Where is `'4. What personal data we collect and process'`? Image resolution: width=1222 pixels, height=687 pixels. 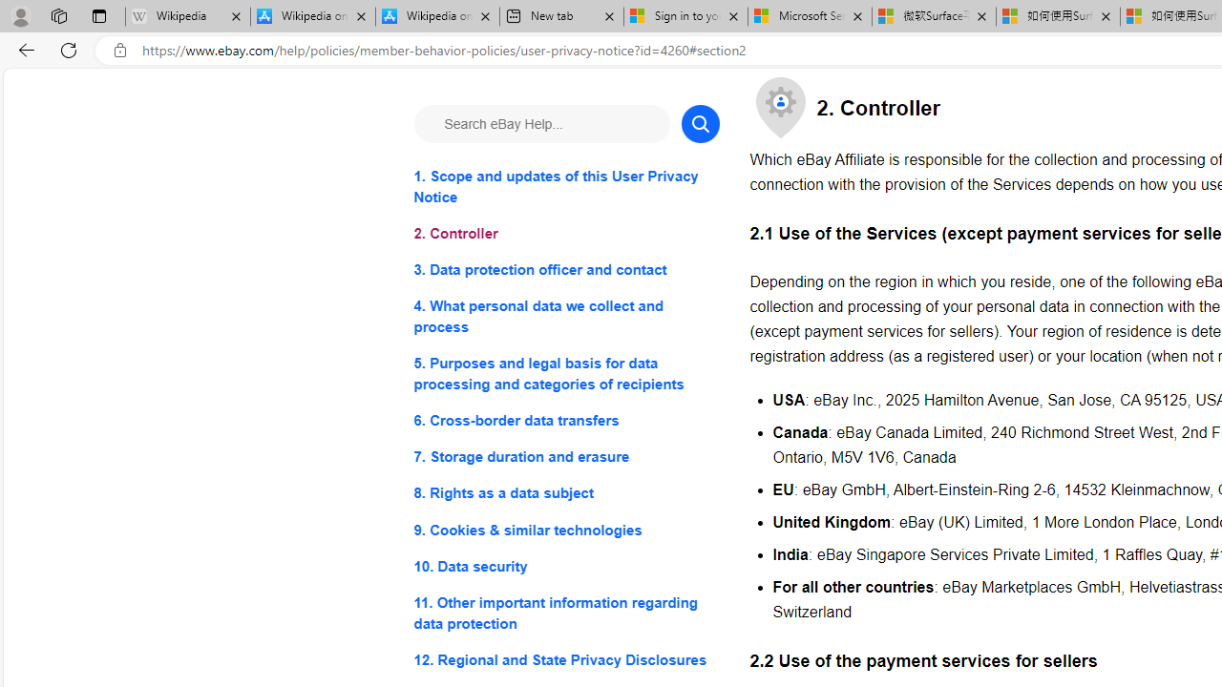
'4. What personal data we collect and process' is located at coordinates (565, 316).